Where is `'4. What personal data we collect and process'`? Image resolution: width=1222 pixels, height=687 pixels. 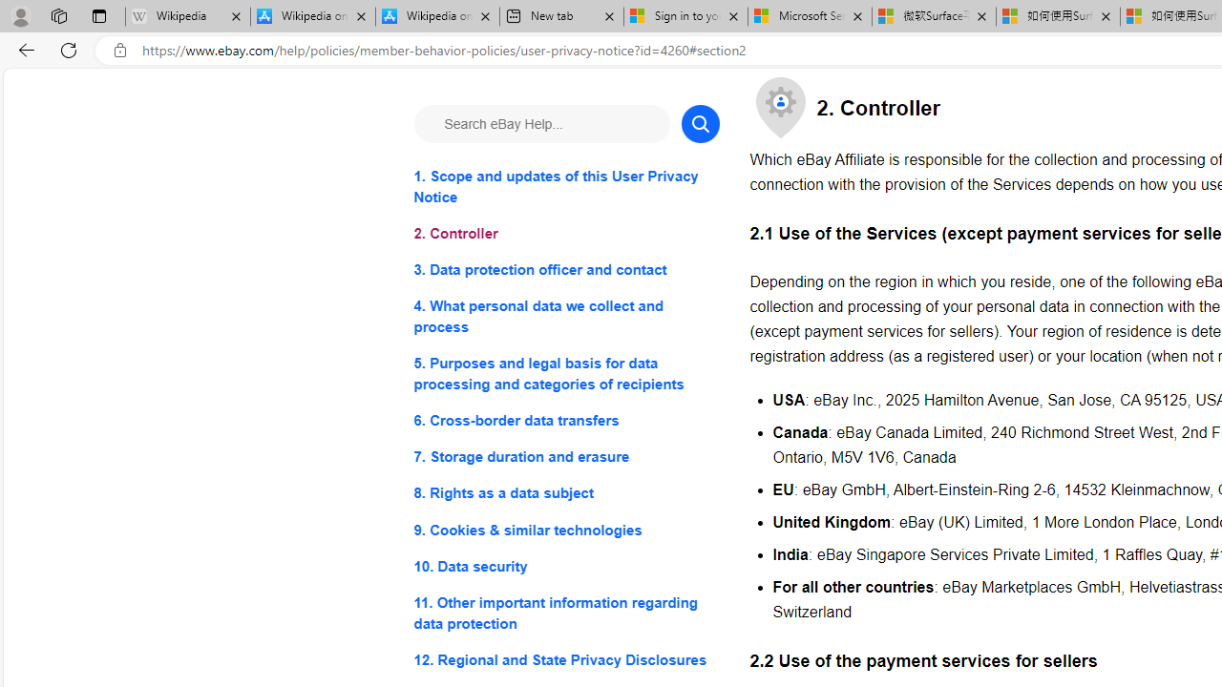
'4. What personal data we collect and process' is located at coordinates (565, 316).